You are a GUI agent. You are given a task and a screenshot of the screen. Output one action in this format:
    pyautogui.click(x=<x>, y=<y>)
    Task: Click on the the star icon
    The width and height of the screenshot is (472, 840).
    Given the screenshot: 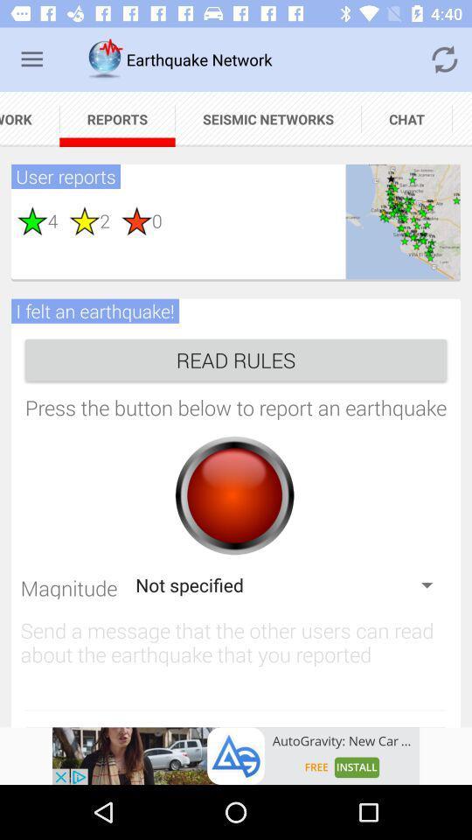 What is the action you would take?
    pyautogui.click(x=32, y=220)
    